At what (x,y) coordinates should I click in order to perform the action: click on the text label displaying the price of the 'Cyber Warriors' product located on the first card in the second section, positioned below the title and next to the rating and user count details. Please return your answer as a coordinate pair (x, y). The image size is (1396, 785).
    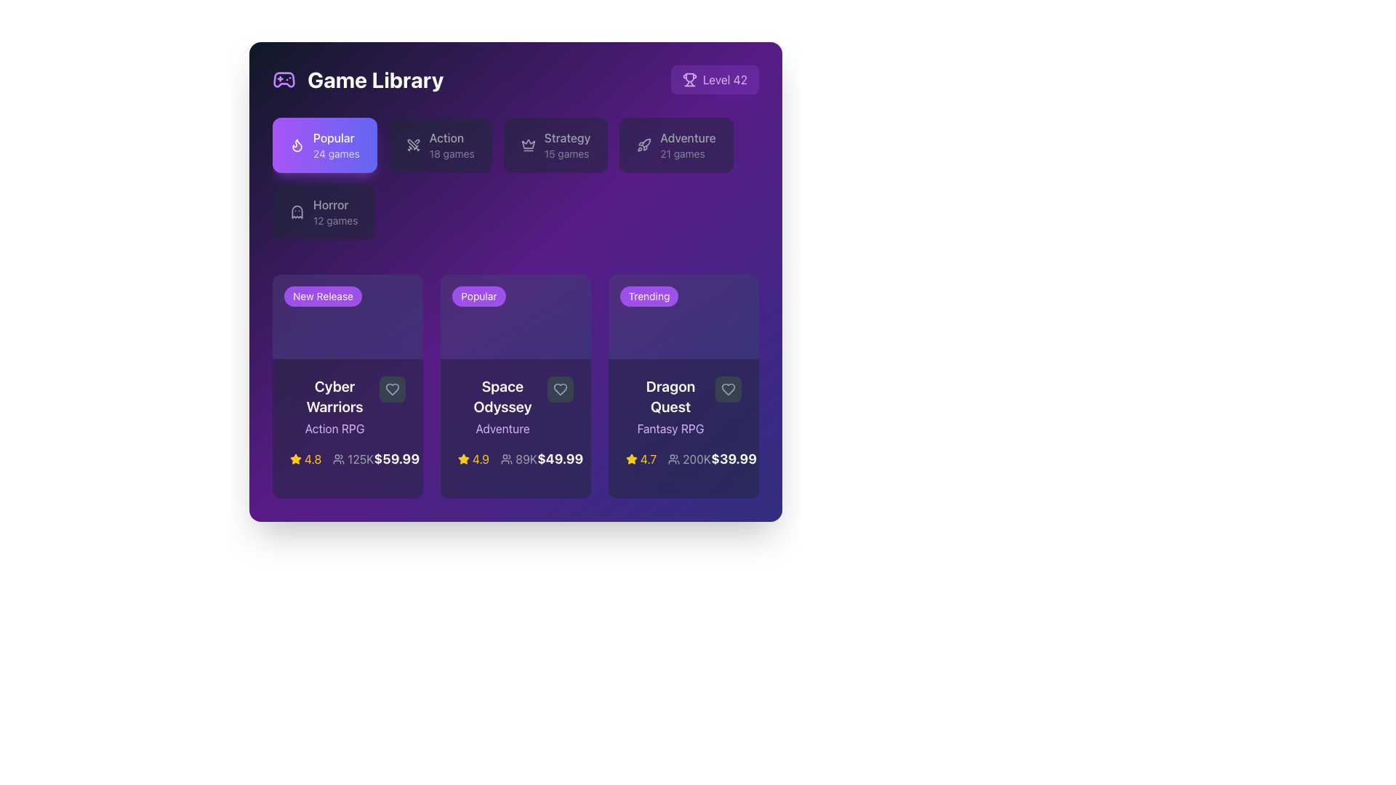
    Looking at the image, I should click on (396, 459).